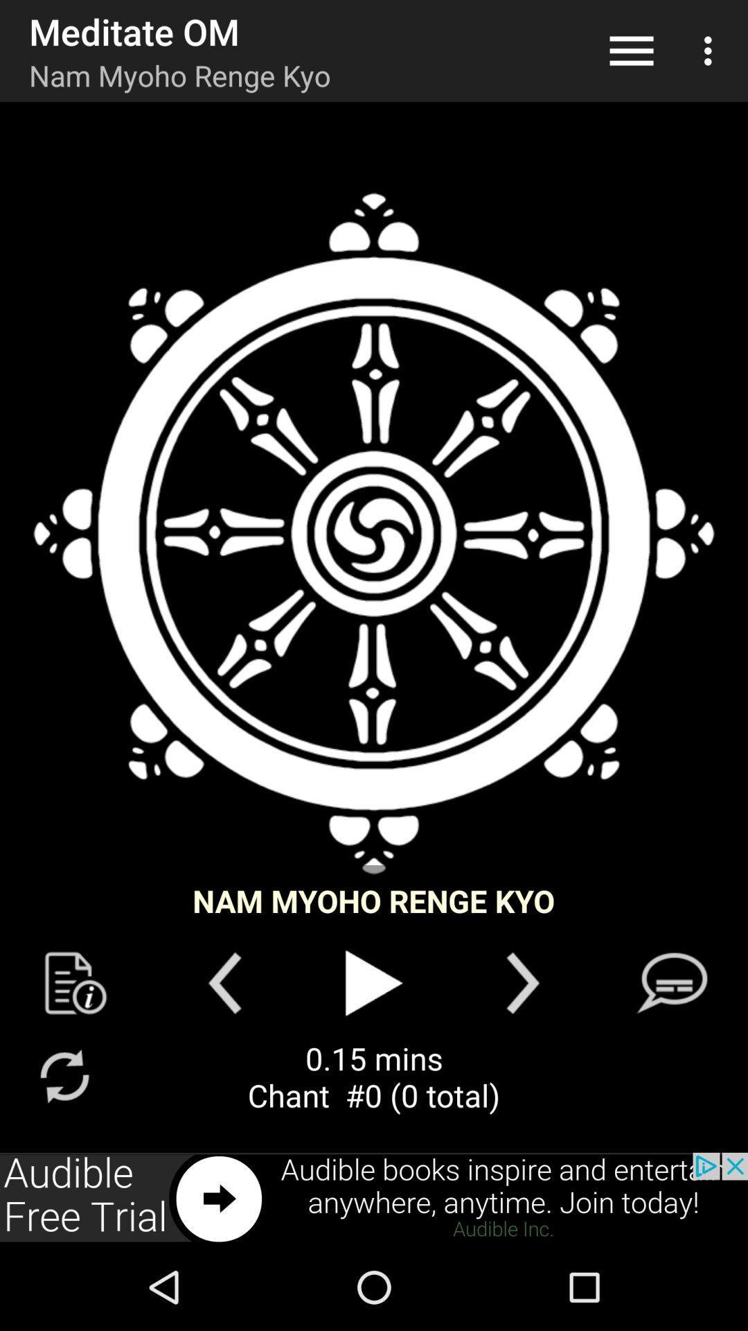 The image size is (748, 1331). Describe the element at coordinates (523, 982) in the screenshot. I see `advance forward` at that location.